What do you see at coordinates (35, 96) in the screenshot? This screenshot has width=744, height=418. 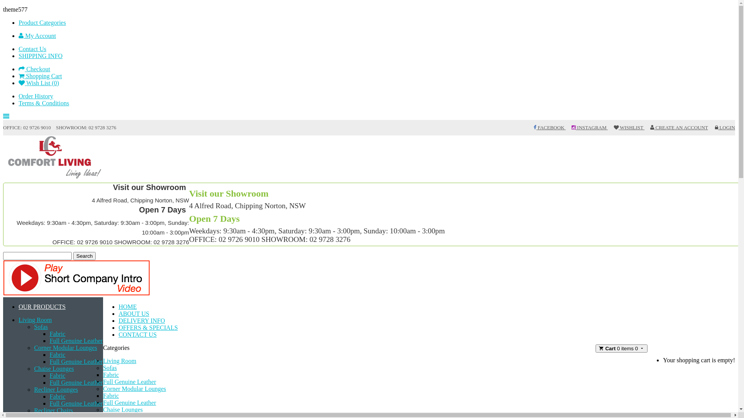 I see `'Order History'` at bounding box center [35, 96].